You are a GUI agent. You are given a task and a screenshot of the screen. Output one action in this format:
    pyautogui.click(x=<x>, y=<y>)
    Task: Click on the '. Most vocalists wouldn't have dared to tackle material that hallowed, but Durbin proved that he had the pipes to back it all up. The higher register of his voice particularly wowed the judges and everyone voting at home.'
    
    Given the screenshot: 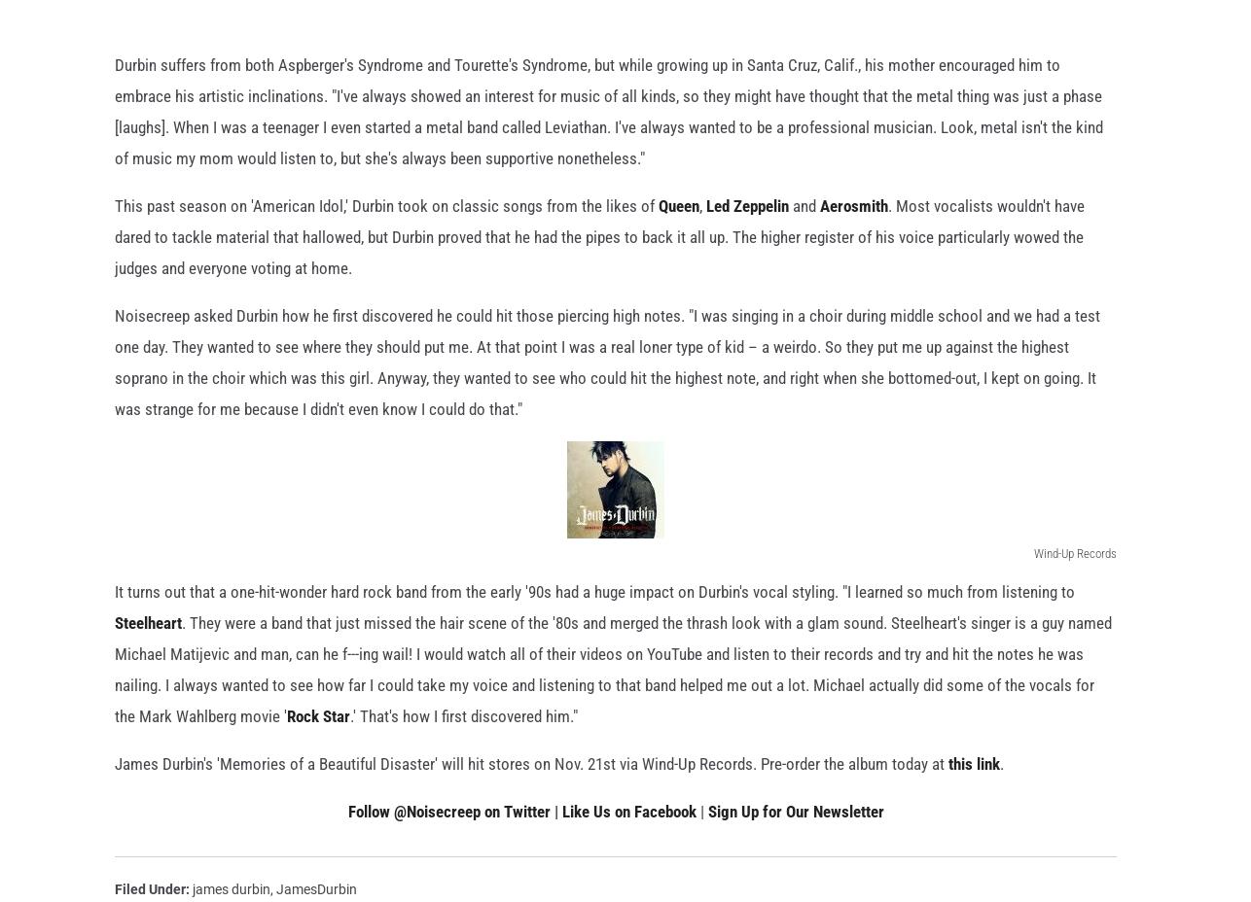 What is the action you would take?
    pyautogui.click(x=115, y=266)
    